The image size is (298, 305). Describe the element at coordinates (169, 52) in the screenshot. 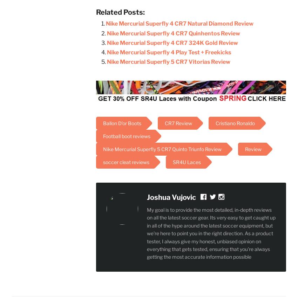

I see `'Nike Mercurial Superfly 4 Play Test + Freekicks'` at that location.